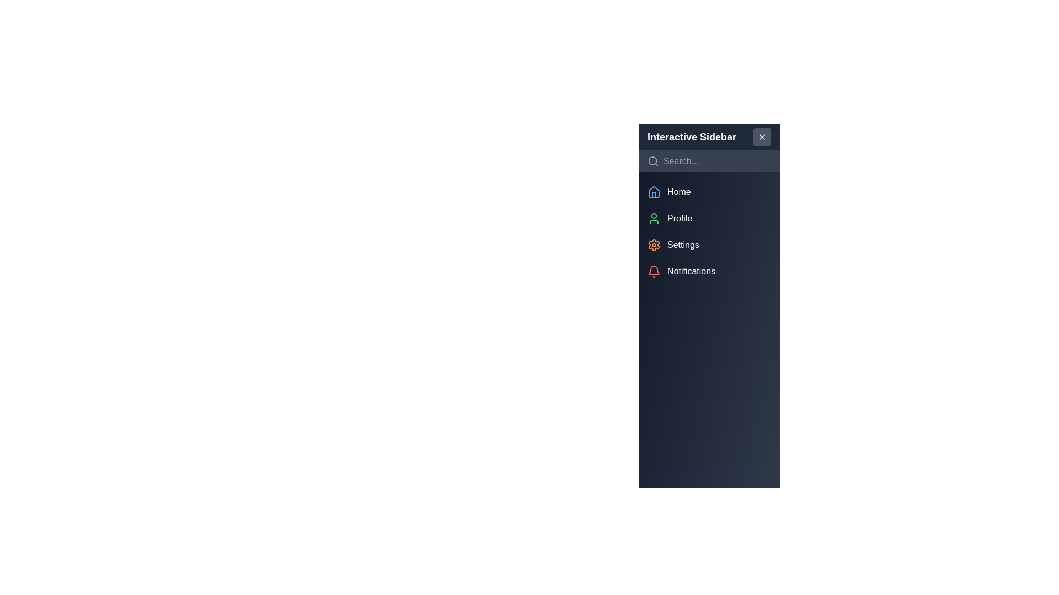 This screenshot has height=595, width=1059. Describe the element at coordinates (709, 272) in the screenshot. I see `the fourth navigation link in the sidebar menu that leads to the 'Notifications' section` at that location.